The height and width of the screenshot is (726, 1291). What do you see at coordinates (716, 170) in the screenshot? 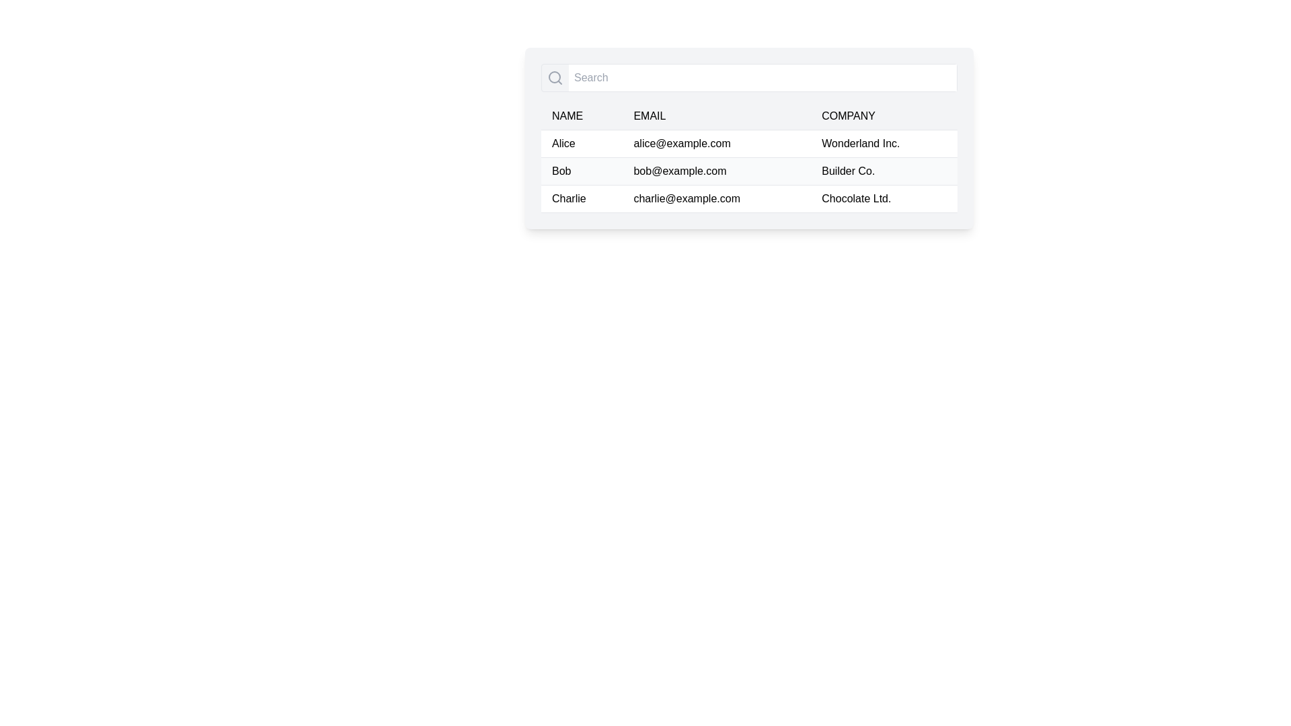
I see `the non-interactive text display field showing the email address for 'Bob' in the second row of the table under the 'EMAIL' column` at bounding box center [716, 170].